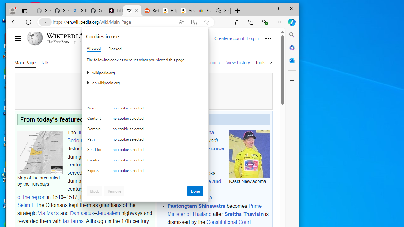  Describe the element at coordinates (95, 120) in the screenshot. I see `'Content'` at that location.